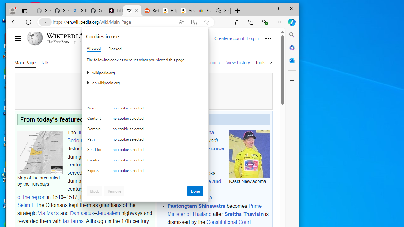  Describe the element at coordinates (95, 120) in the screenshot. I see `'Content'` at that location.